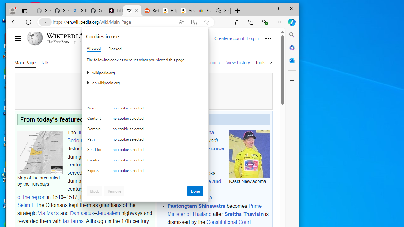  Describe the element at coordinates (95, 120) in the screenshot. I see `'Content'` at that location.